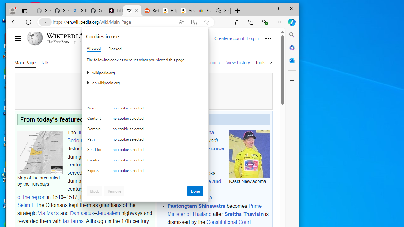  Describe the element at coordinates (95, 120) in the screenshot. I see `'Content'` at that location.